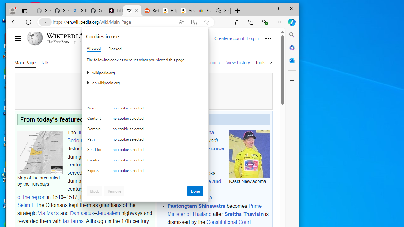  Describe the element at coordinates (95, 120) in the screenshot. I see `'Content'` at that location.